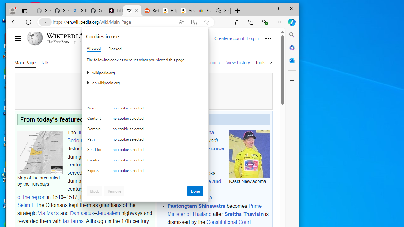  Describe the element at coordinates (95, 120) in the screenshot. I see `'Content'` at that location.